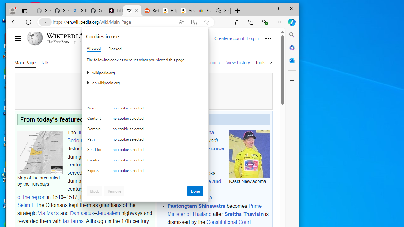  Describe the element at coordinates (95, 120) in the screenshot. I see `'Content'` at that location.